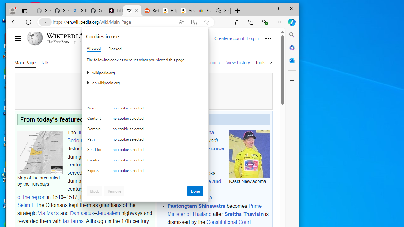  Describe the element at coordinates (95, 120) in the screenshot. I see `'Content'` at that location.